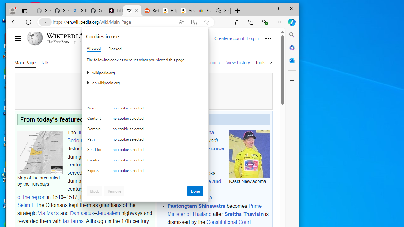  Describe the element at coordinates (95, 120) in the screenshot. I see `'Content'` at that location.